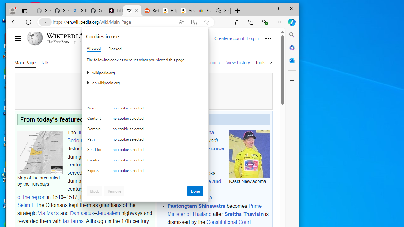  Describe the element at coordinates (95, 120) in the screenshot. I see `'Content'` at that location.